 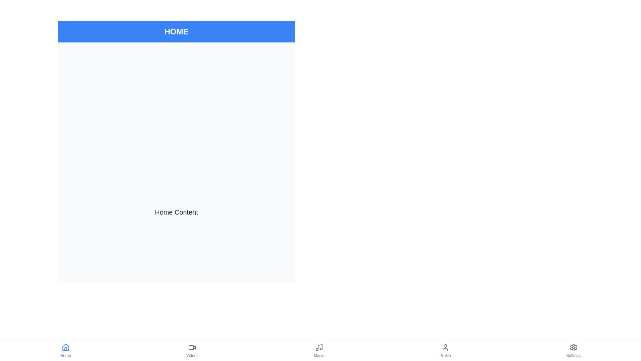 I want to click on the camera-like icon in the 'Videos' button located in the navigation bar at the bottom of the interface, so click(x=192, y=347).